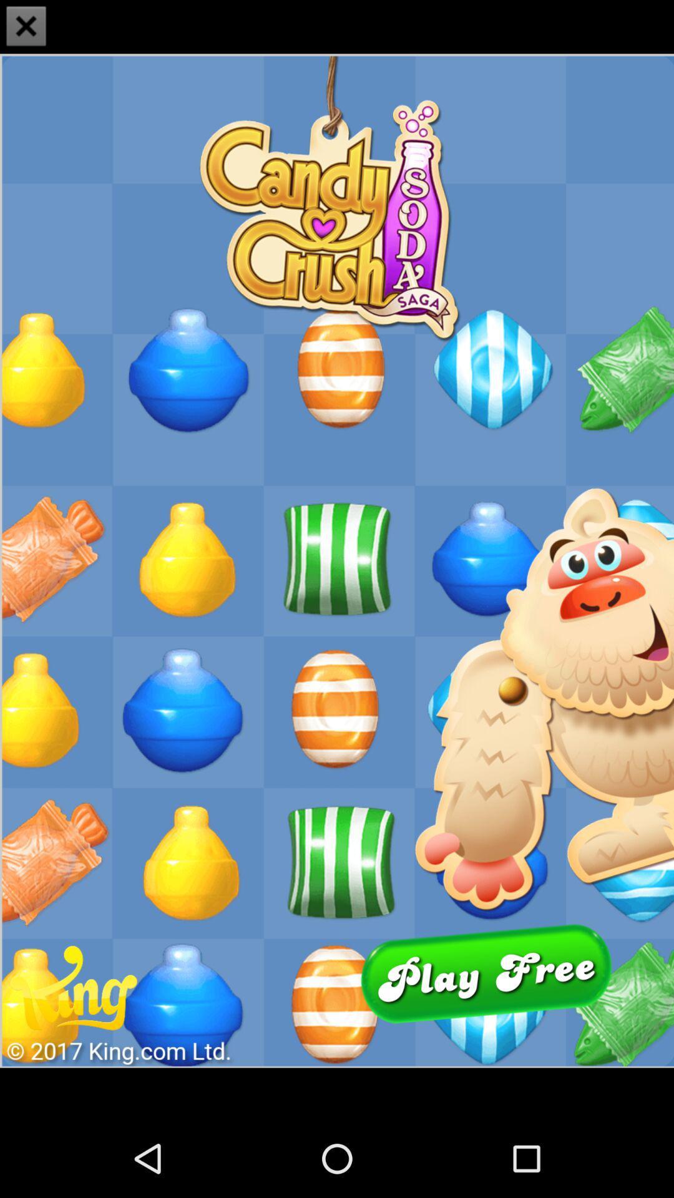  I want to click on the close icon, so click(26, 27).